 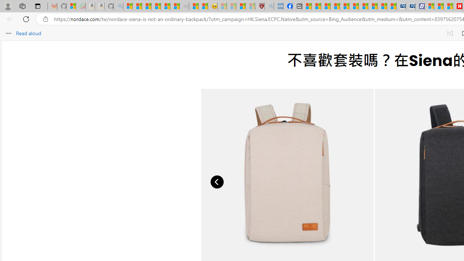 What do you see at coordinates (297, 6) in the screenshot?
I see `'New tab'` at bounding box center [297, 6].